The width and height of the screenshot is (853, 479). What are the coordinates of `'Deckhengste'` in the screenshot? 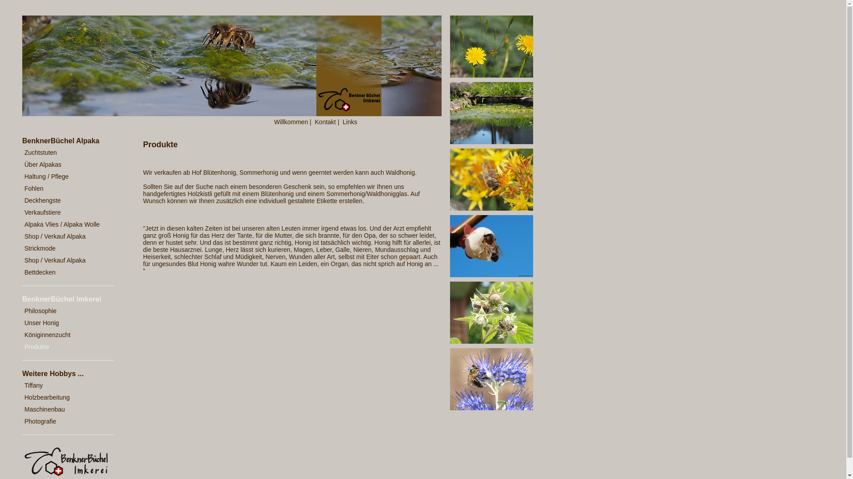 It's located at (22, 200).